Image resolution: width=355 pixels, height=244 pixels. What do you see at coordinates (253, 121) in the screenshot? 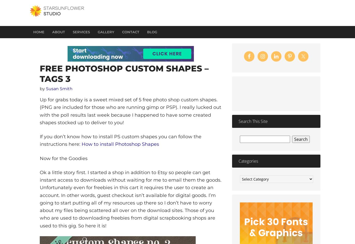
I see `'Search This Site'` at bounding box center [253, 121].